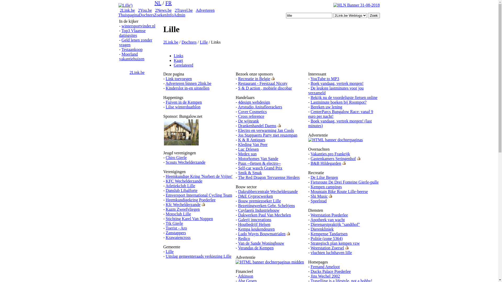  I want to click on 'Artstudio Anitafleerackers', so click(238, 107).